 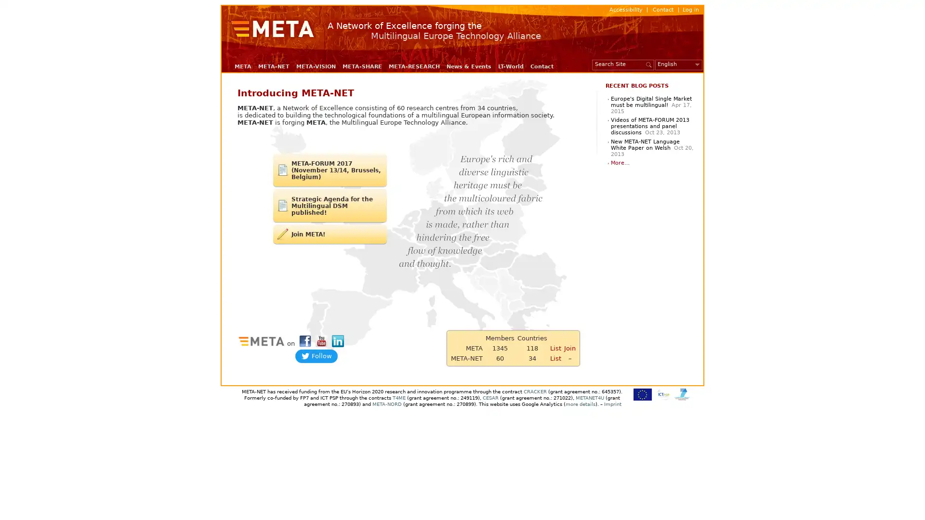 I want to click on Search, so click(x=649, y=64).